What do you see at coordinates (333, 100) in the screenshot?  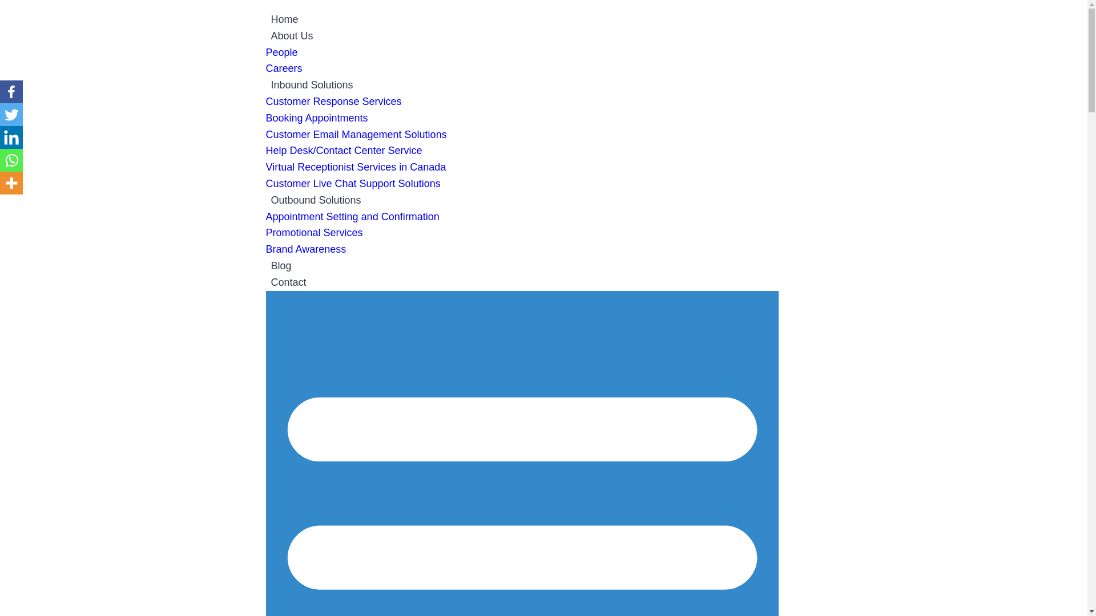 I see `'Customer Response Services'` at bounding box center [333, 100].